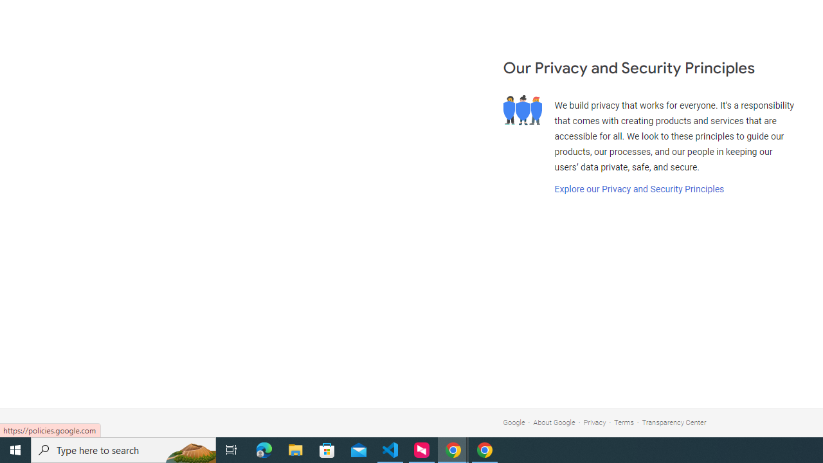  Describe the element at coordinates (638, 189) in the screenshot. I see `'Explore our Privacy and Security Principles'` at that location.